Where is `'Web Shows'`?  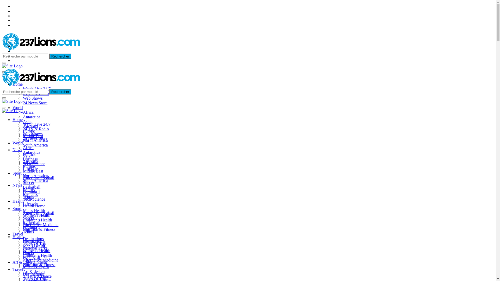
'Web Shows' is located at coordinates (32, 98).